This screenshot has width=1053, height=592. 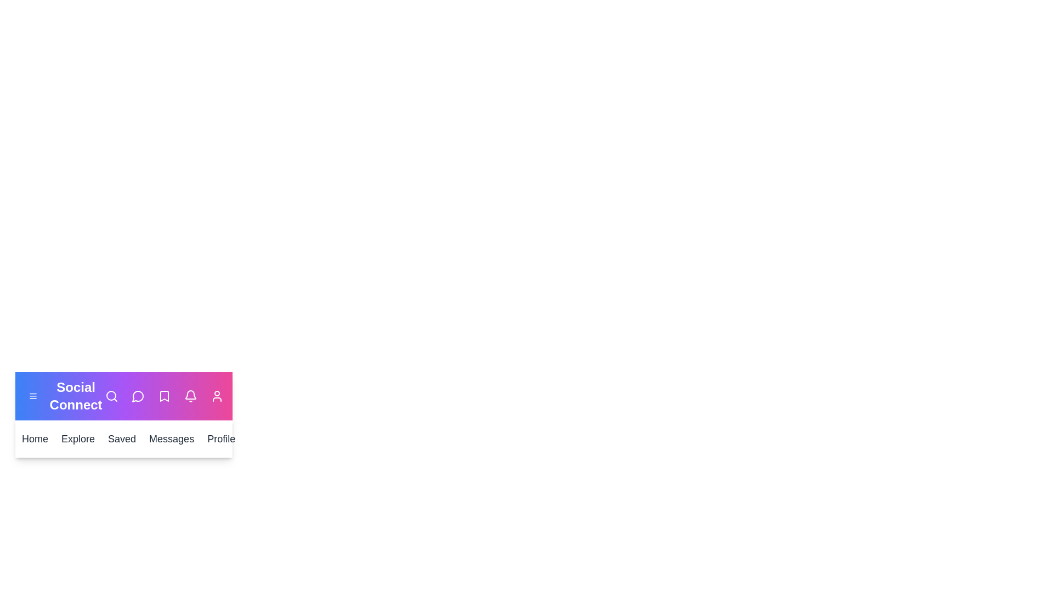 I want to click on the Explore button to navigate to the Explore section, so click(x=77, y=439).